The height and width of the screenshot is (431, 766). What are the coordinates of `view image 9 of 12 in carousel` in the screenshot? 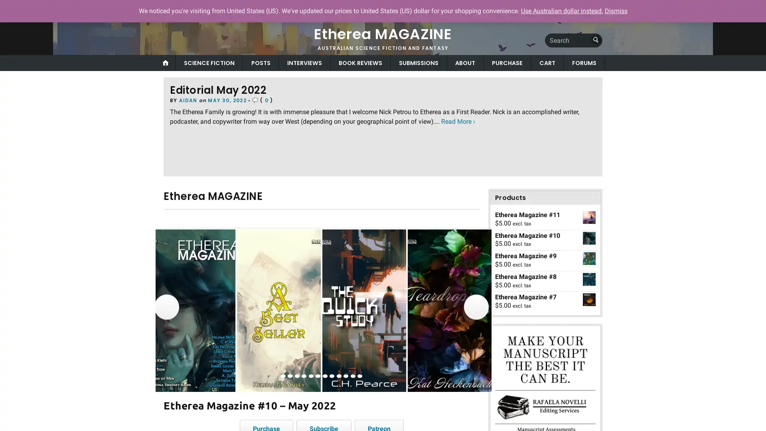 It's located at (339, 376).